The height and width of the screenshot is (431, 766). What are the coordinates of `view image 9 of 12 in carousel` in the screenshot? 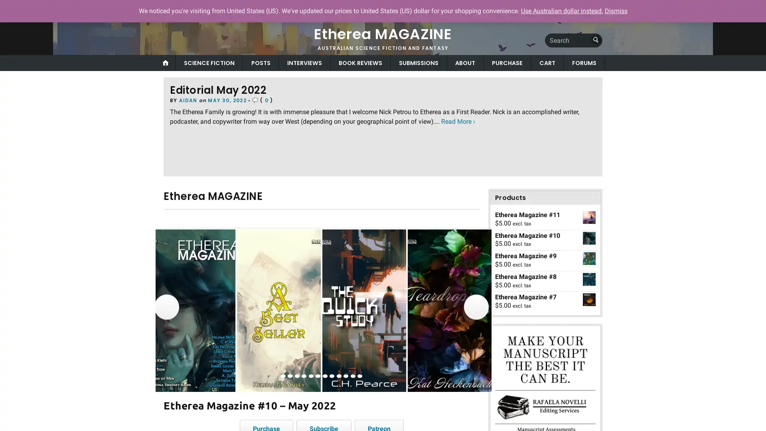 It's located at (339, 376).